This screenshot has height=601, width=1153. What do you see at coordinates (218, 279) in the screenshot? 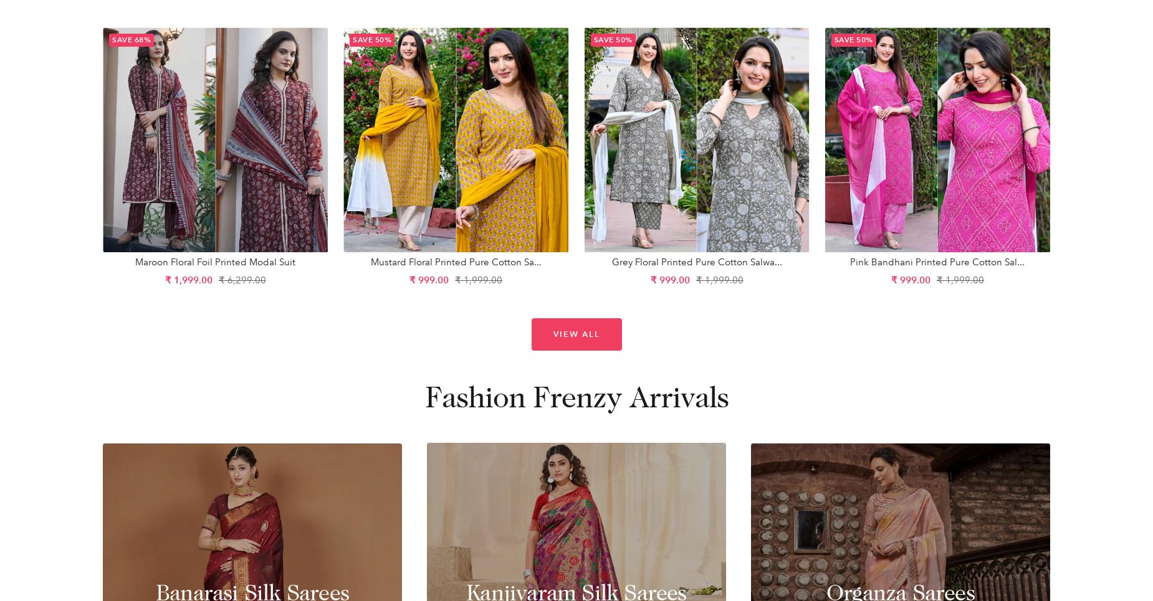
I see `'₹ 6,299.00'` at bounding box center [218, 279].